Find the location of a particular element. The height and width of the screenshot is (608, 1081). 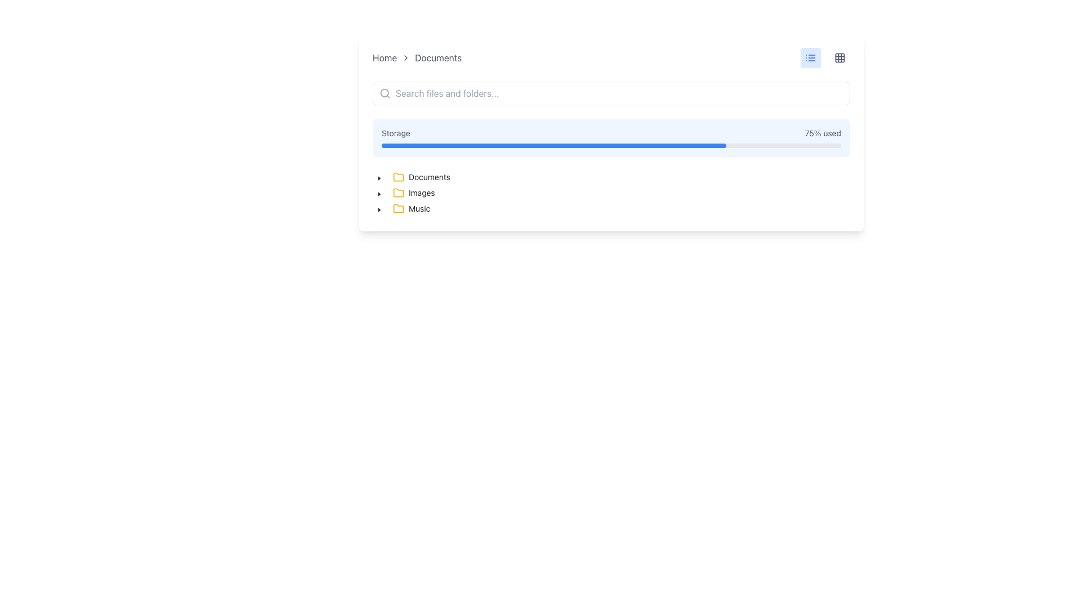

the bright yellow folder icon located adjacent to the text 'Music' in the 'Documents' section is located at coordinates (399, 208).